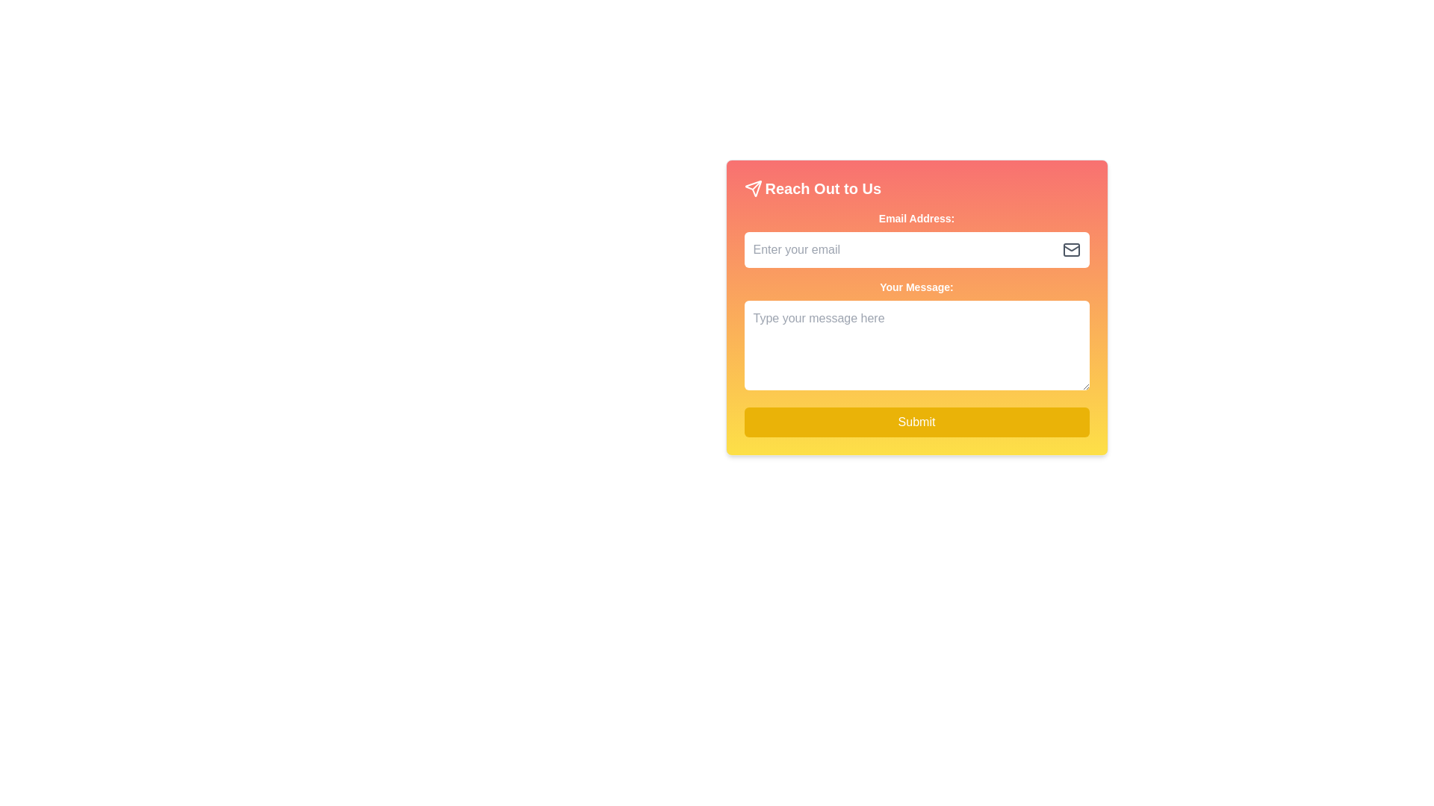  What do you see at coordinates (1070, 249) in the screenshot?
I see `the gray envelope icon located at the top-right corner of the 'Email Address:' input field in the 'Reach Out to Us' section` at bounding box center [1070, 249].